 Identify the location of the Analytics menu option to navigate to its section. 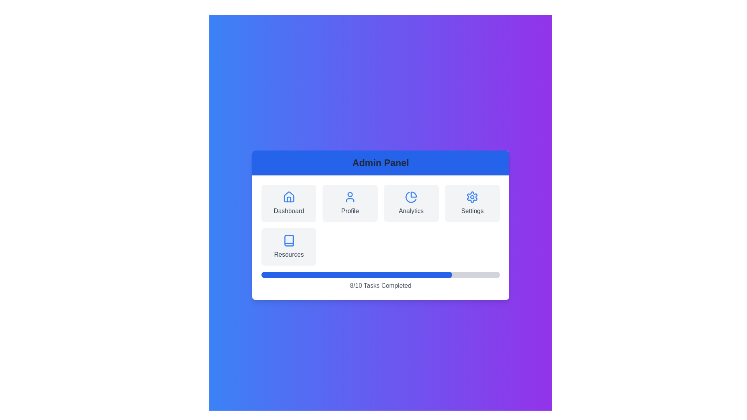
(410, 203).